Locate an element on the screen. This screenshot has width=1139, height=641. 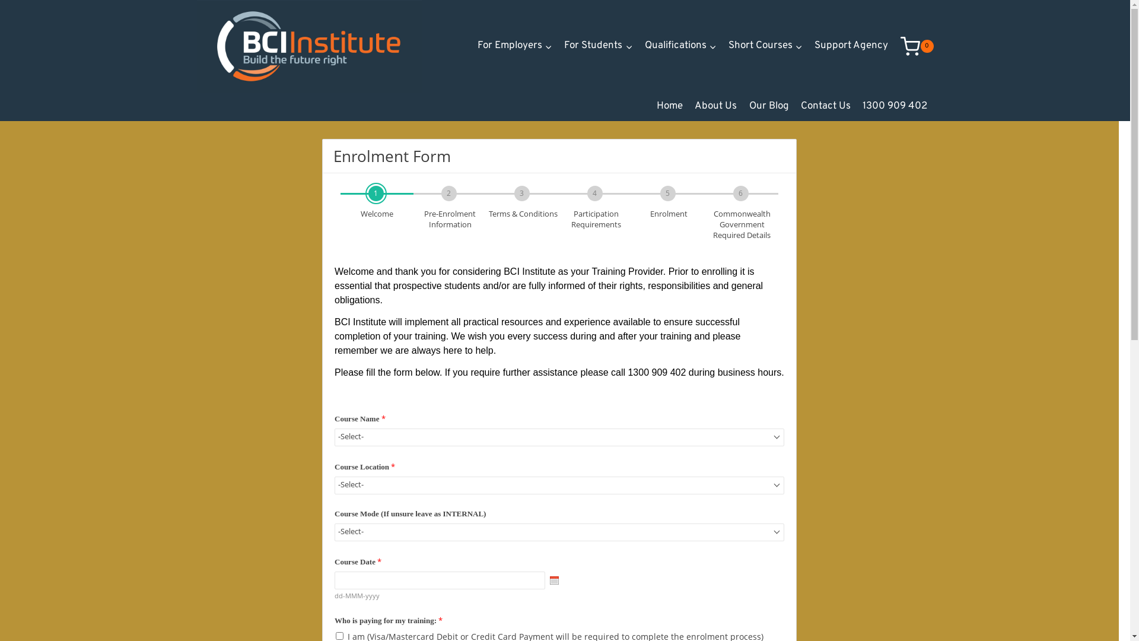
'1300 909 402' is located at coordinates (895, 107).